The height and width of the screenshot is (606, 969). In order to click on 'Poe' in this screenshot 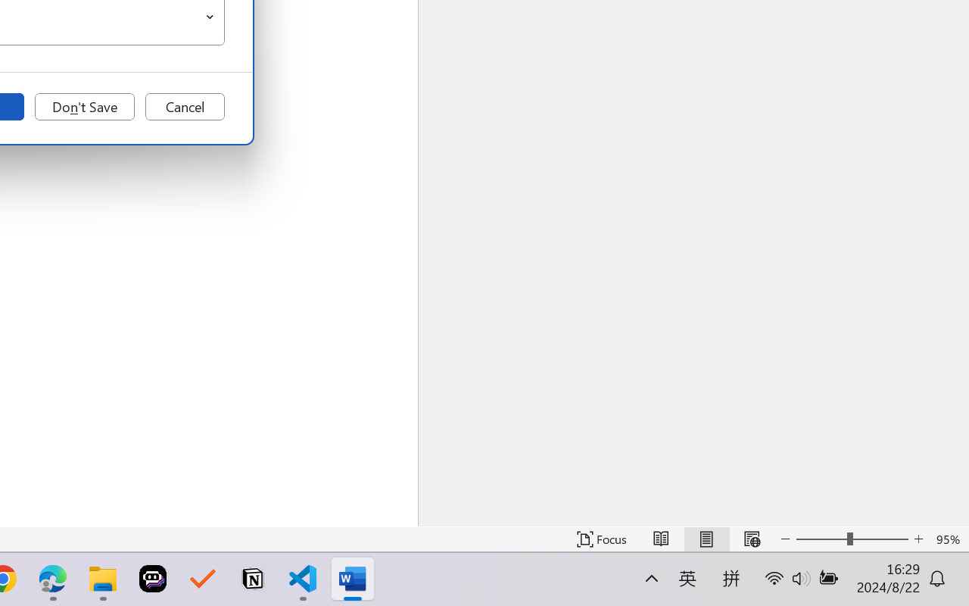, I will do `click(153, 579)`.